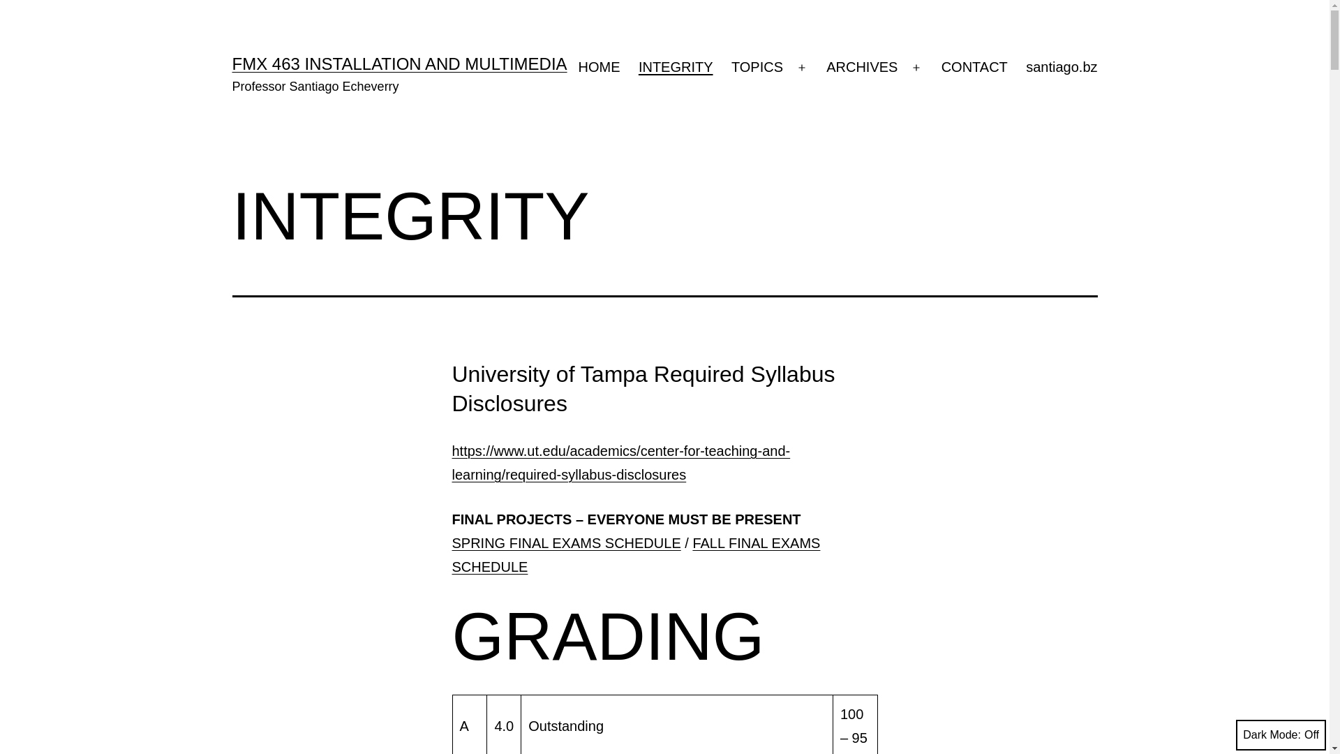 This screenshot has height=754, width=1340. Describe the element at coordinates (676, 67) in the screenshot. I see `'INTEGRITY'` at that location.